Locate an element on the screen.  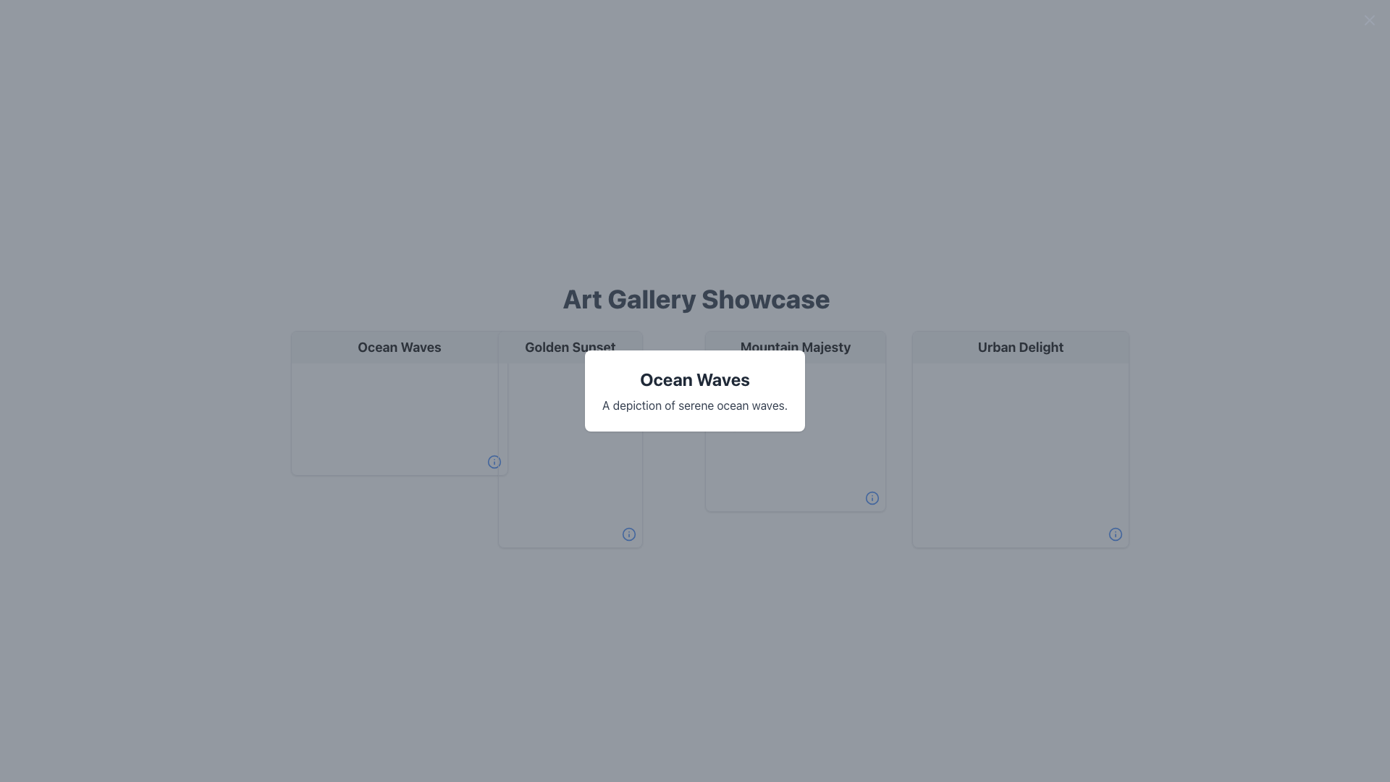
the information icon located in the bottom-right corner of the 'Urban Delight' card is located at coordinates (1114, 534).